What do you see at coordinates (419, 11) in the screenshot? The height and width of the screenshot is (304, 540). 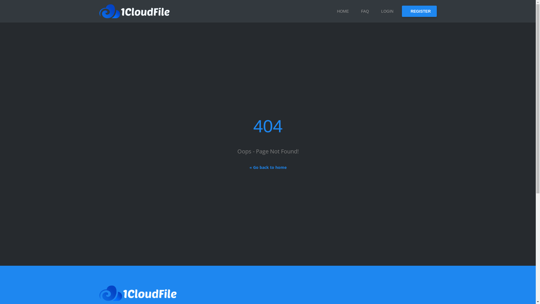 I see `'REGISTER'` at bounding box center [419, 11].